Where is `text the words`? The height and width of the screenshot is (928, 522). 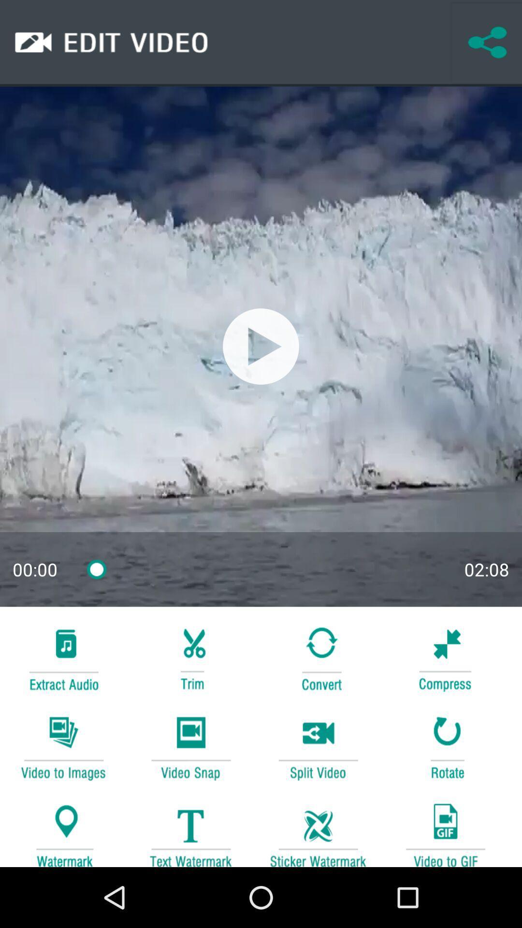
text the words is located at coordinates (190, 830).